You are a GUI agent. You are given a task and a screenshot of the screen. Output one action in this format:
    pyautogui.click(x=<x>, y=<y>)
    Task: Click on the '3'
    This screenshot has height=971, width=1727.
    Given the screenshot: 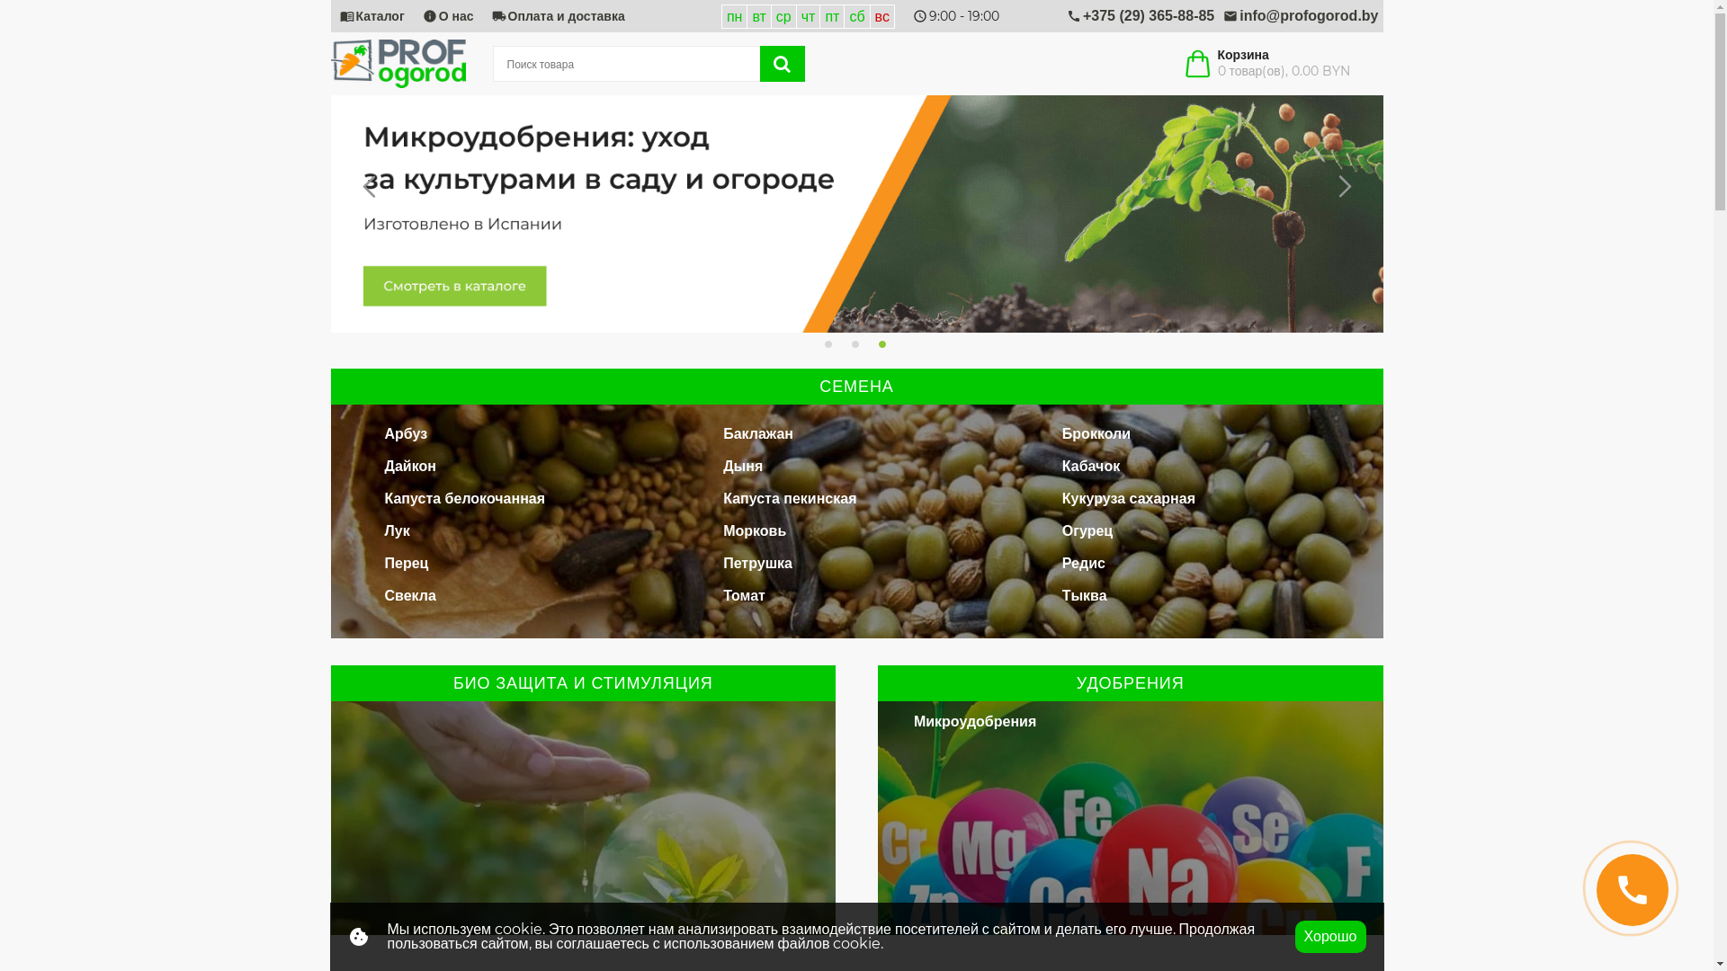 What is the action you would take?
    pyautogui.click(x=883, y=346)
    